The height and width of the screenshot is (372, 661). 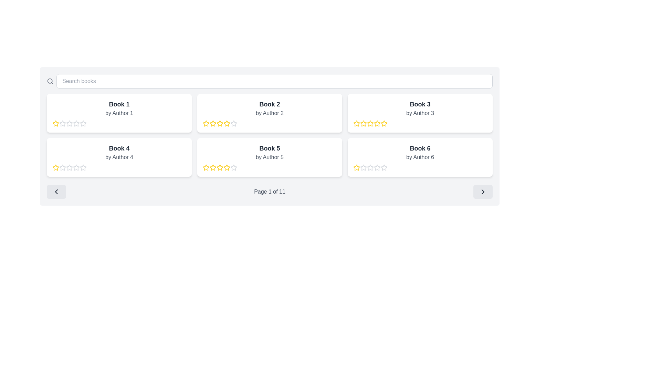 What do you see at coordinates (357, 123) in the screenshot?
I see `the first star icon in the rating section of the 'Book 3' card to set or toggle the one-star rating` at bounding box center [357, 123].